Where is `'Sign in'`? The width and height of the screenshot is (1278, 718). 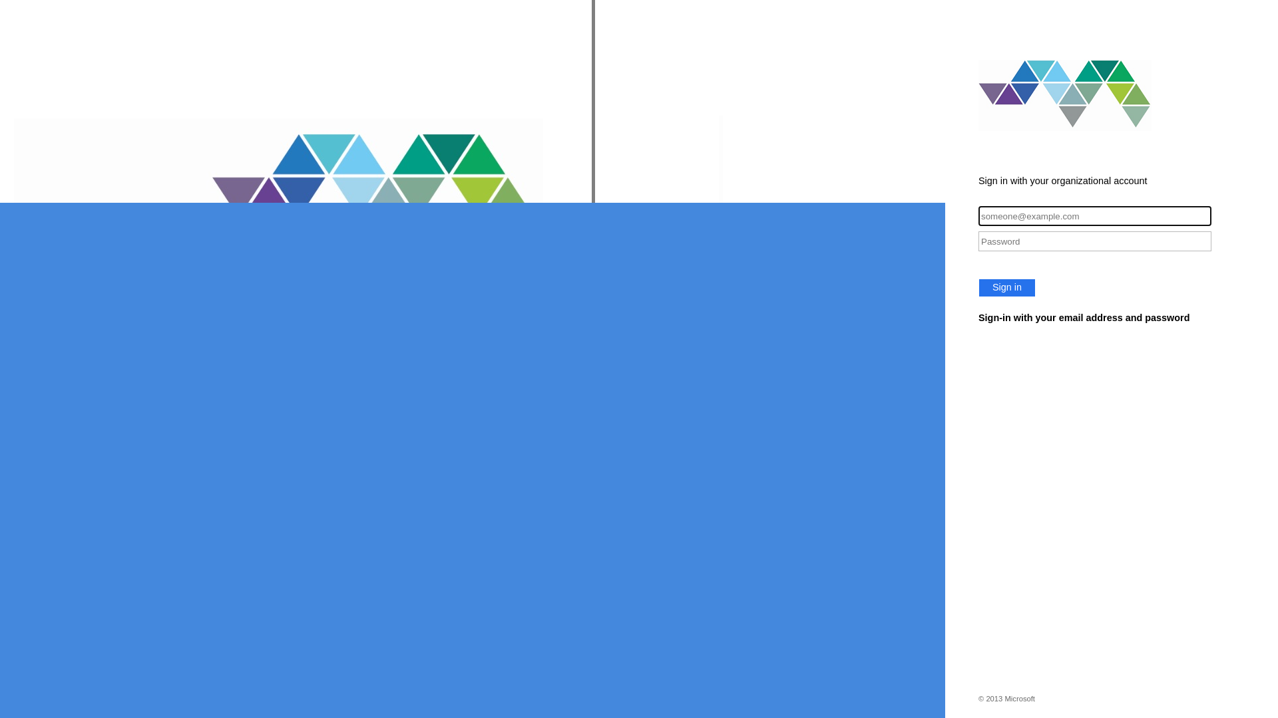 'Sign in' is located at coordinates (1006, 287).